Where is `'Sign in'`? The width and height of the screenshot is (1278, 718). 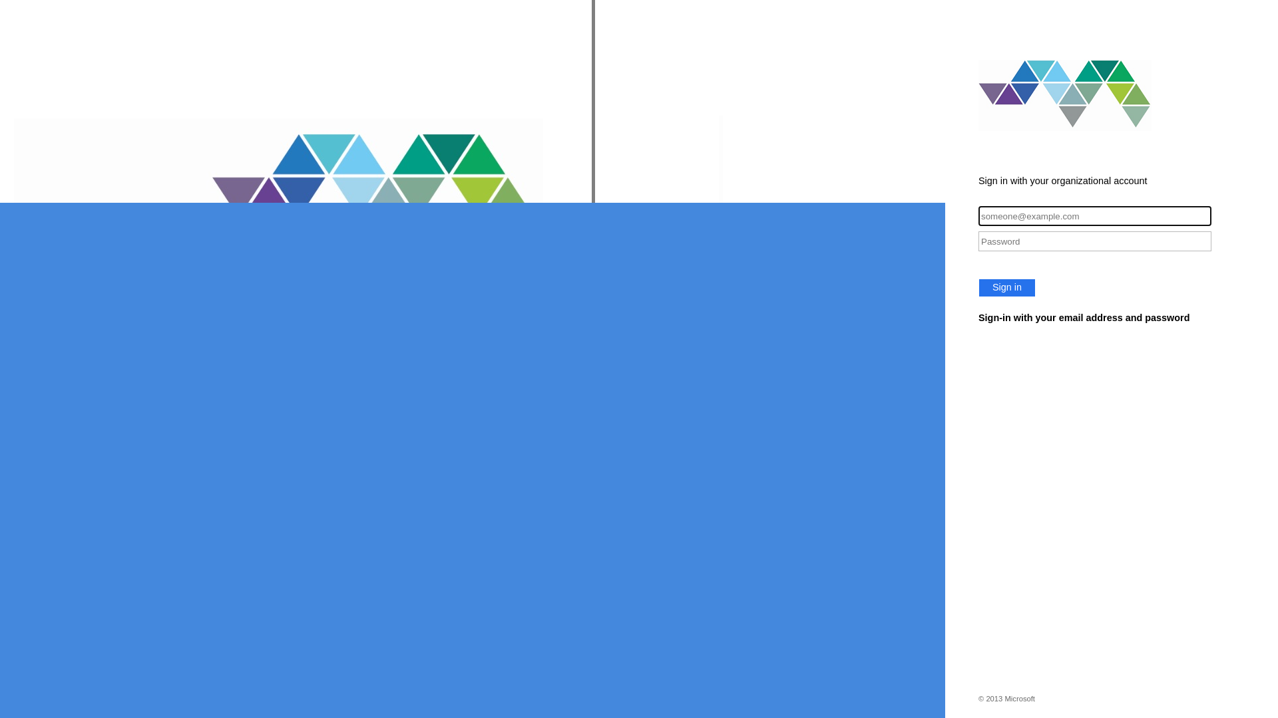 'Sign in' is located at coordinates (1006, 287).